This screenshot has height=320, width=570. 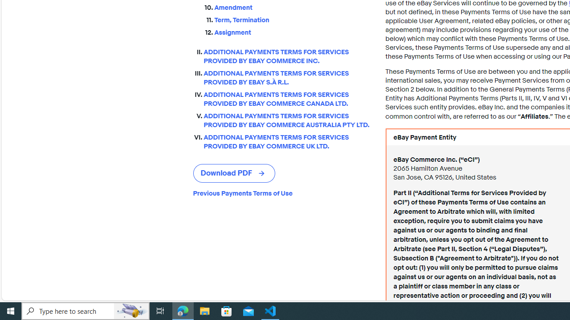 I want to click on 'Previous Payments Terms of Use', so click(x=281, y=193).